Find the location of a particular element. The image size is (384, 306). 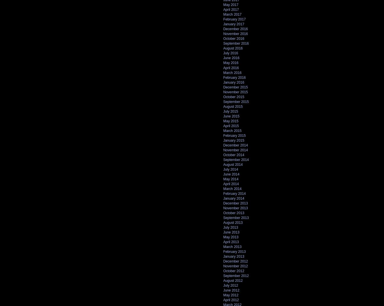

'October 2016' is located at coordinates (234, 39).